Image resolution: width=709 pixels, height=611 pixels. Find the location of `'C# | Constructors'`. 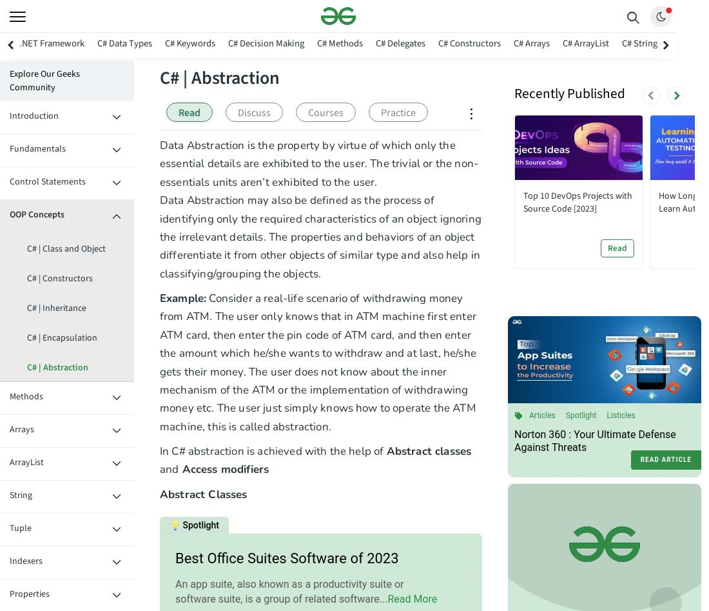

'C# | Constructors' is located at coordinates (59, 279).